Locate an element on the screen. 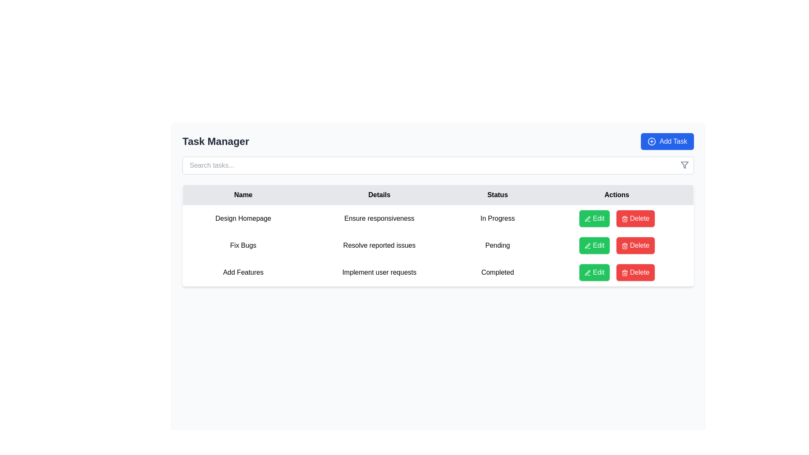  the filter icon located in the top-right corner of the interface, adjacent to the search bar and 'Add Task' button is located at coordinates (685, 165).